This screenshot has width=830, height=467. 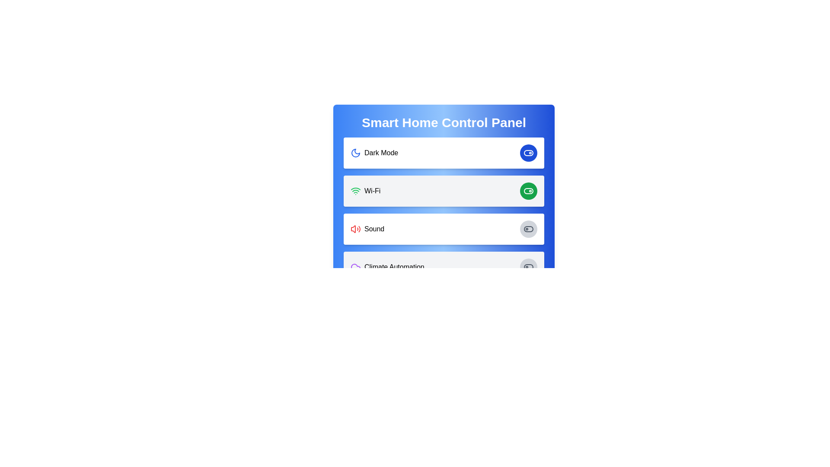 I want to click on the toggle switch, so click(x=528, y=228).